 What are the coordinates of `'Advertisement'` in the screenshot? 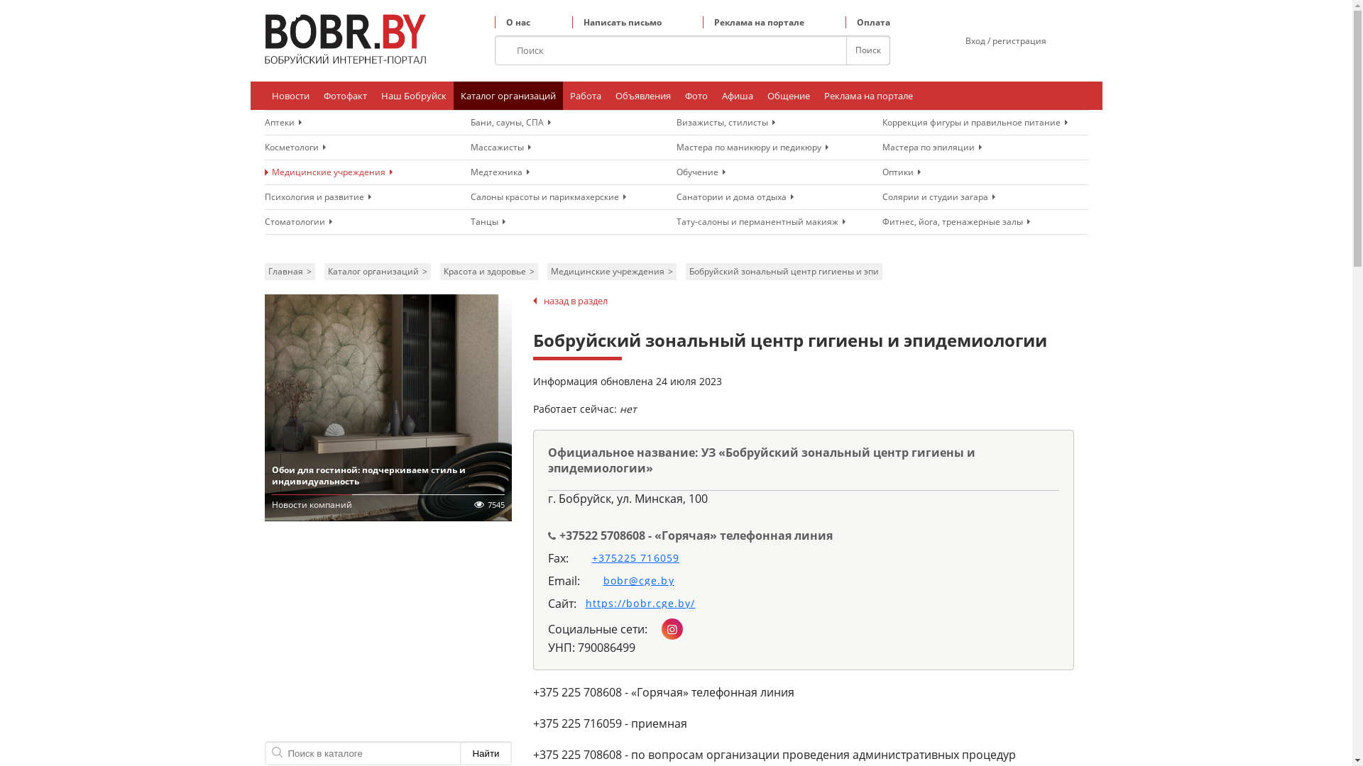 It's located at (388, 633).